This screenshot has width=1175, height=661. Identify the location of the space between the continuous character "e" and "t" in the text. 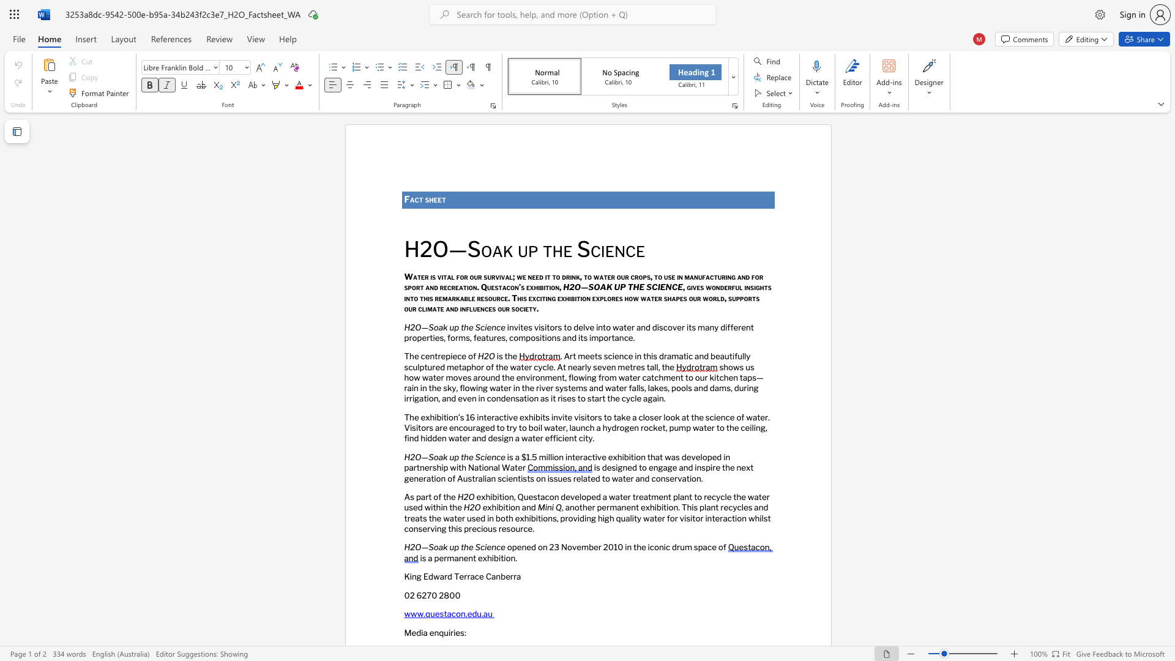
(441, 199).